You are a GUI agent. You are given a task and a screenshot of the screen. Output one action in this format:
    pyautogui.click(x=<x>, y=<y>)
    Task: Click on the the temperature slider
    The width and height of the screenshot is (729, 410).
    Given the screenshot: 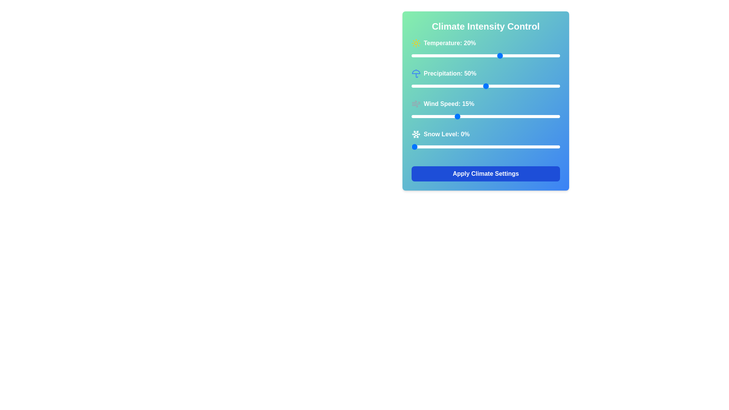 What is the action you would take?
    pyautogui.click(x=467, y=55)
    